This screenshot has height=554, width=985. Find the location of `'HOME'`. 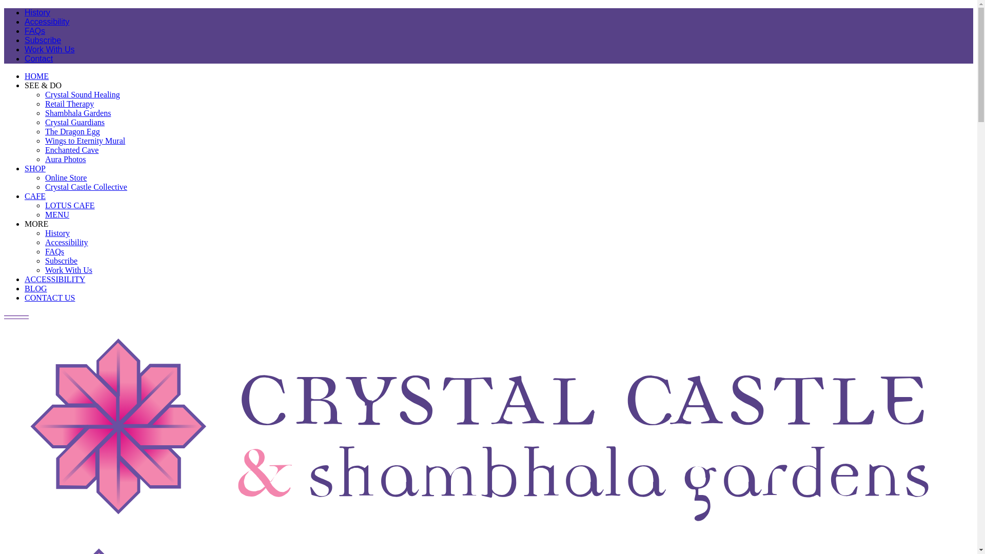

'HOME' is located at coordinates (25, 75).